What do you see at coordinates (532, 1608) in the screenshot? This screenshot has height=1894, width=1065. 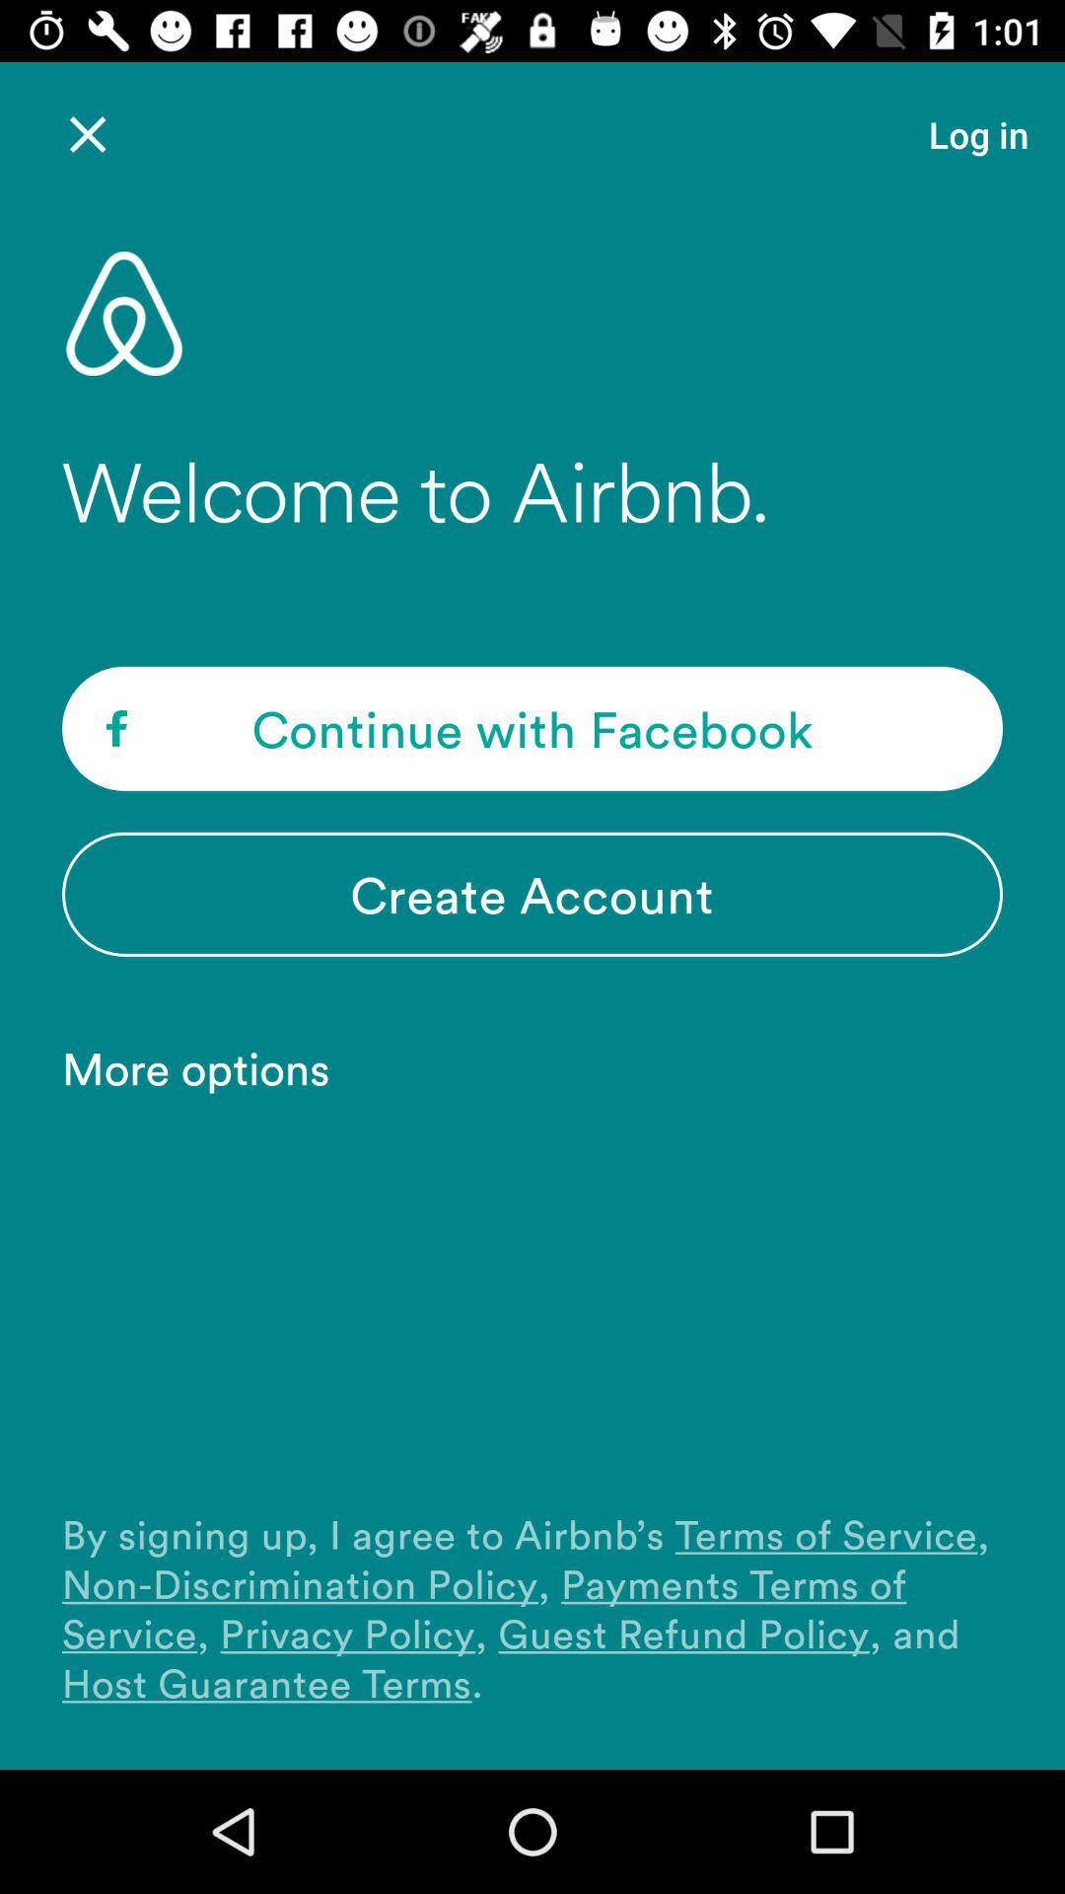 I see `by signing up icon` at bounding box center [532, 1608].